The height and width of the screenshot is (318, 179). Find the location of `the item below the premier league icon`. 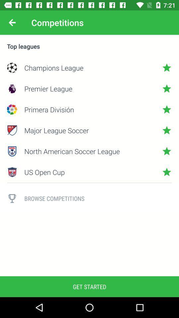

the item below the premier league icon is located at coordinates (89, 109).